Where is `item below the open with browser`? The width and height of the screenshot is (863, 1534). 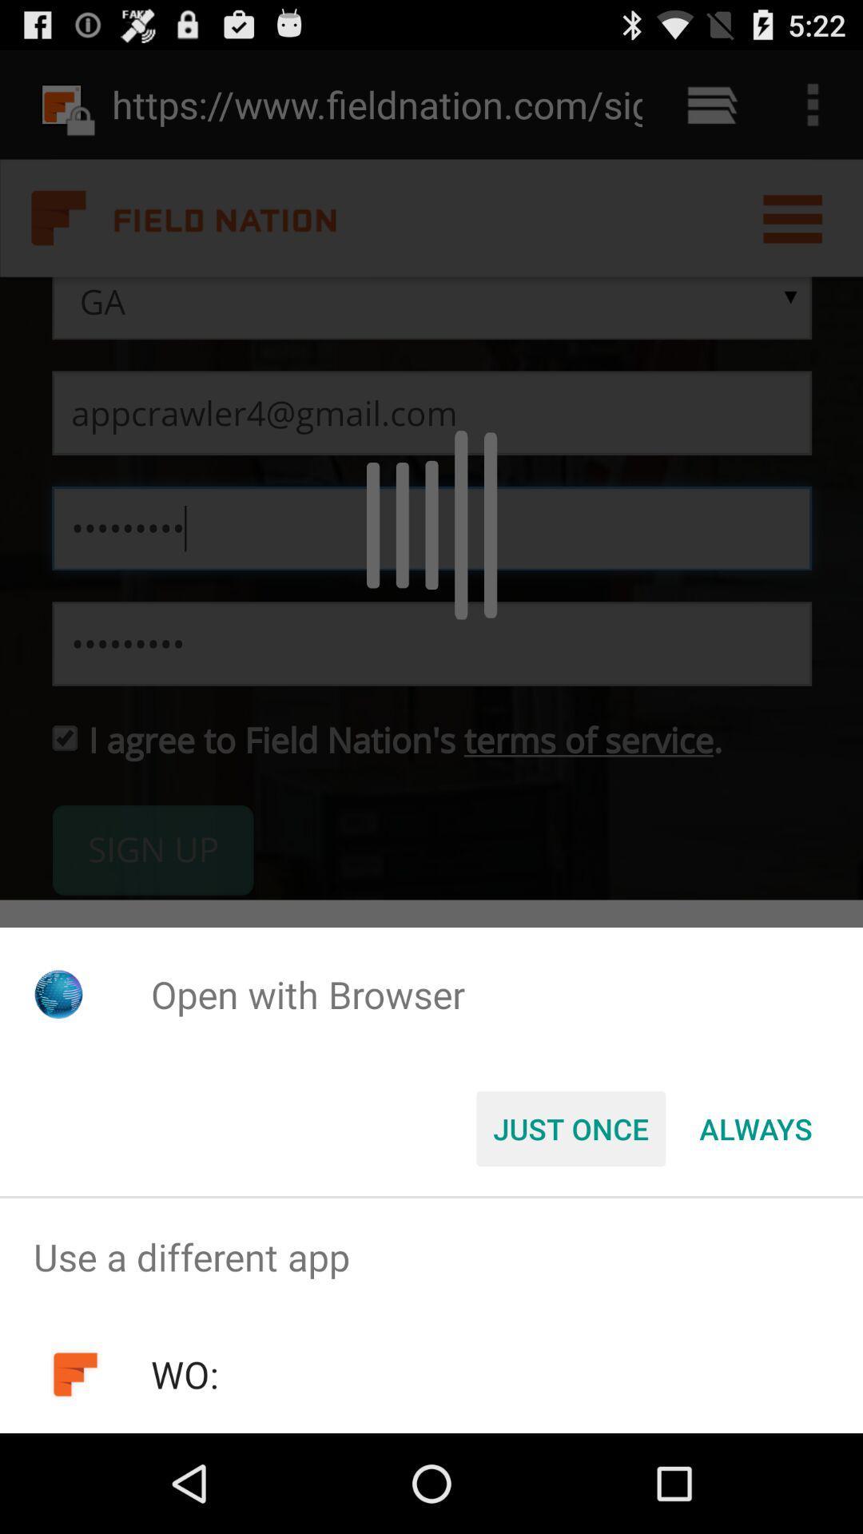
item below the open with browser is located at coordinates (570, 1127).